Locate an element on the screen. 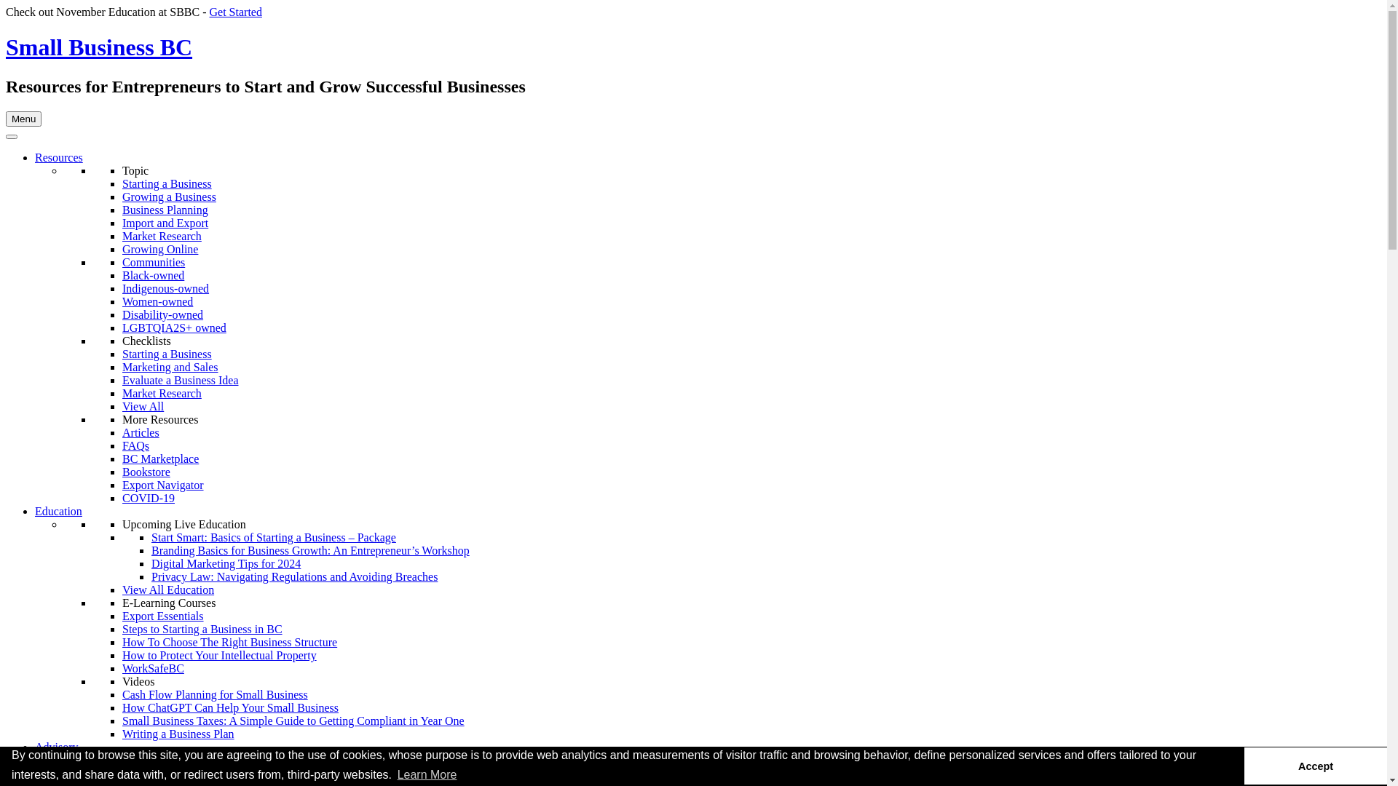 Image resolution: width=1398 pixels, height=786 pixels. 'Small Business BC' is located at coordinates (98, 47).